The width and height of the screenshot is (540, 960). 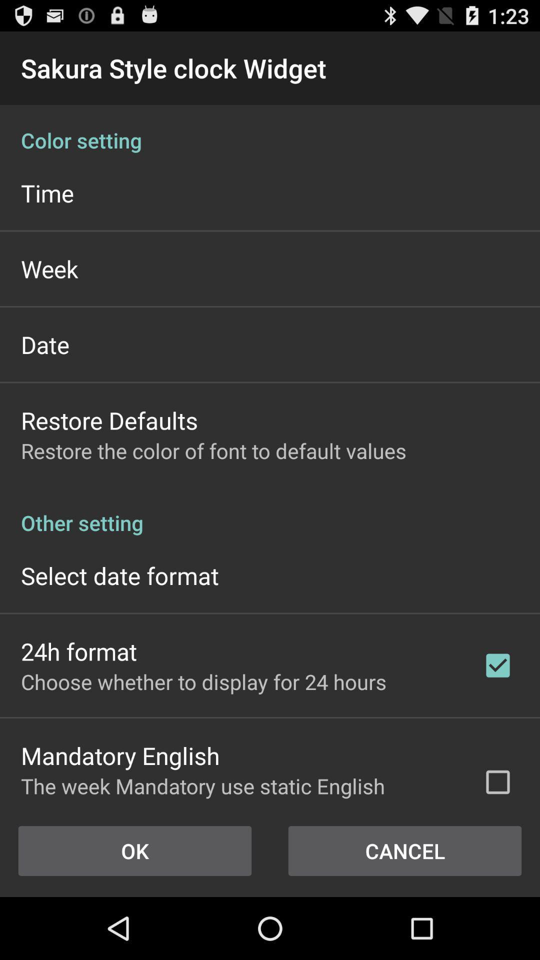 What do you see at coordinates (135, 850) in the screenshot?
I see `the button to the left of the cancel` at bounding box center [135, 850].